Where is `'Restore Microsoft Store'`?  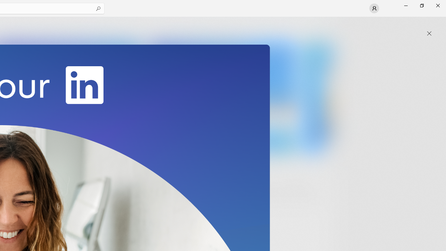
'Restore Microsoft Store' is located at coordinates (421, 5).